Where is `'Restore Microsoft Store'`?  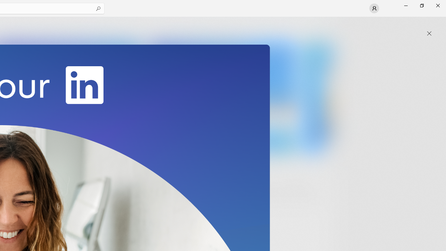
'Restore Microsoft Store' is located at coordinates (421, 5).